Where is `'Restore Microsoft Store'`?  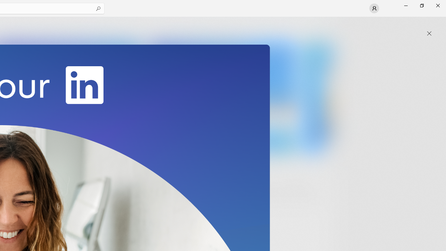
'Restore Microsoft Store' is located at coordinates (421, 5).